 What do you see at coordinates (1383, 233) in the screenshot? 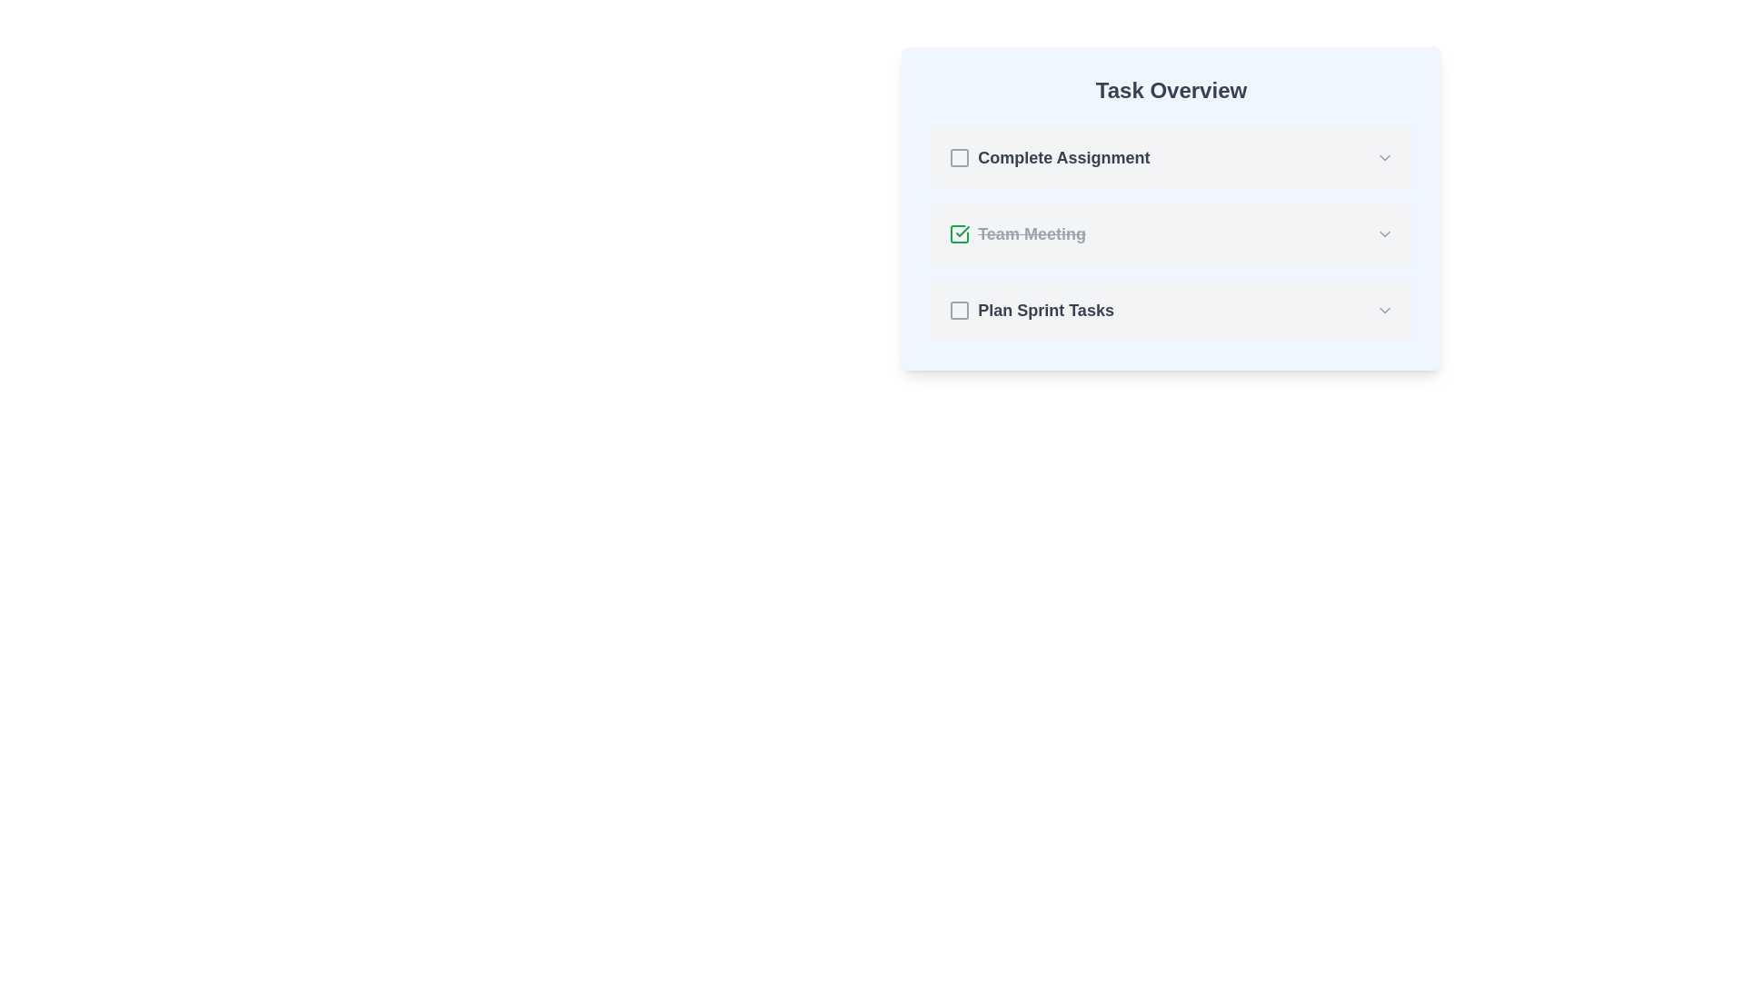
I see `the Chevron-down icon located to the far right of the 'Team Meeting' text` at bounding box center [1383, 233].